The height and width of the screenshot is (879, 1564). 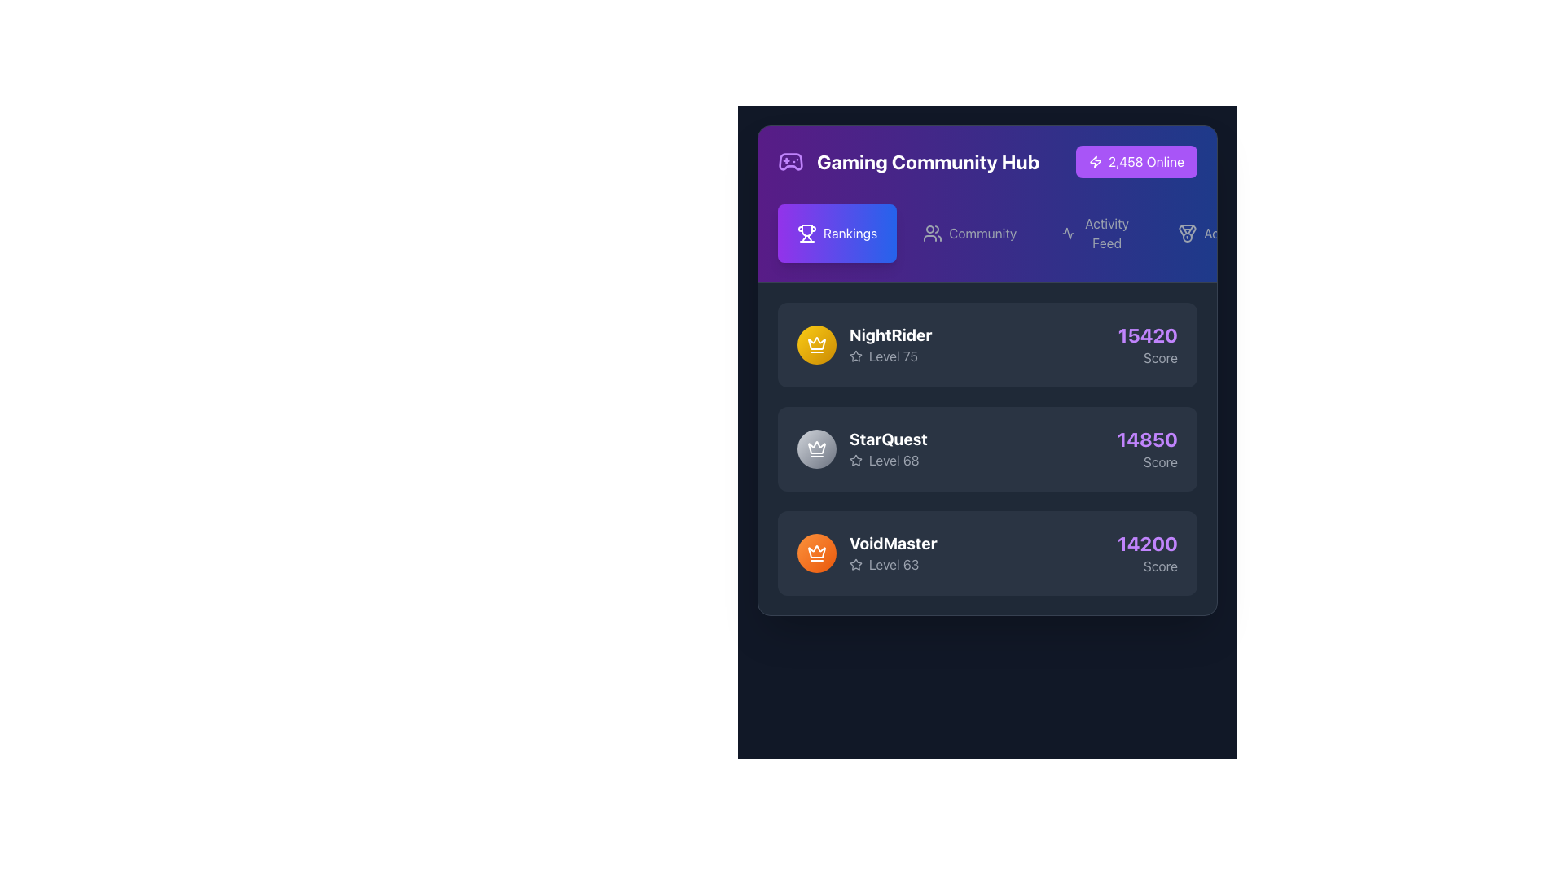 I want to click on information displayed on the rectangular badge with a purple background and white text that reads '2,458 Online', located in the top-right section of the interface adjacent to 'Gaming Community Hub', so click(x=1136, y=162).